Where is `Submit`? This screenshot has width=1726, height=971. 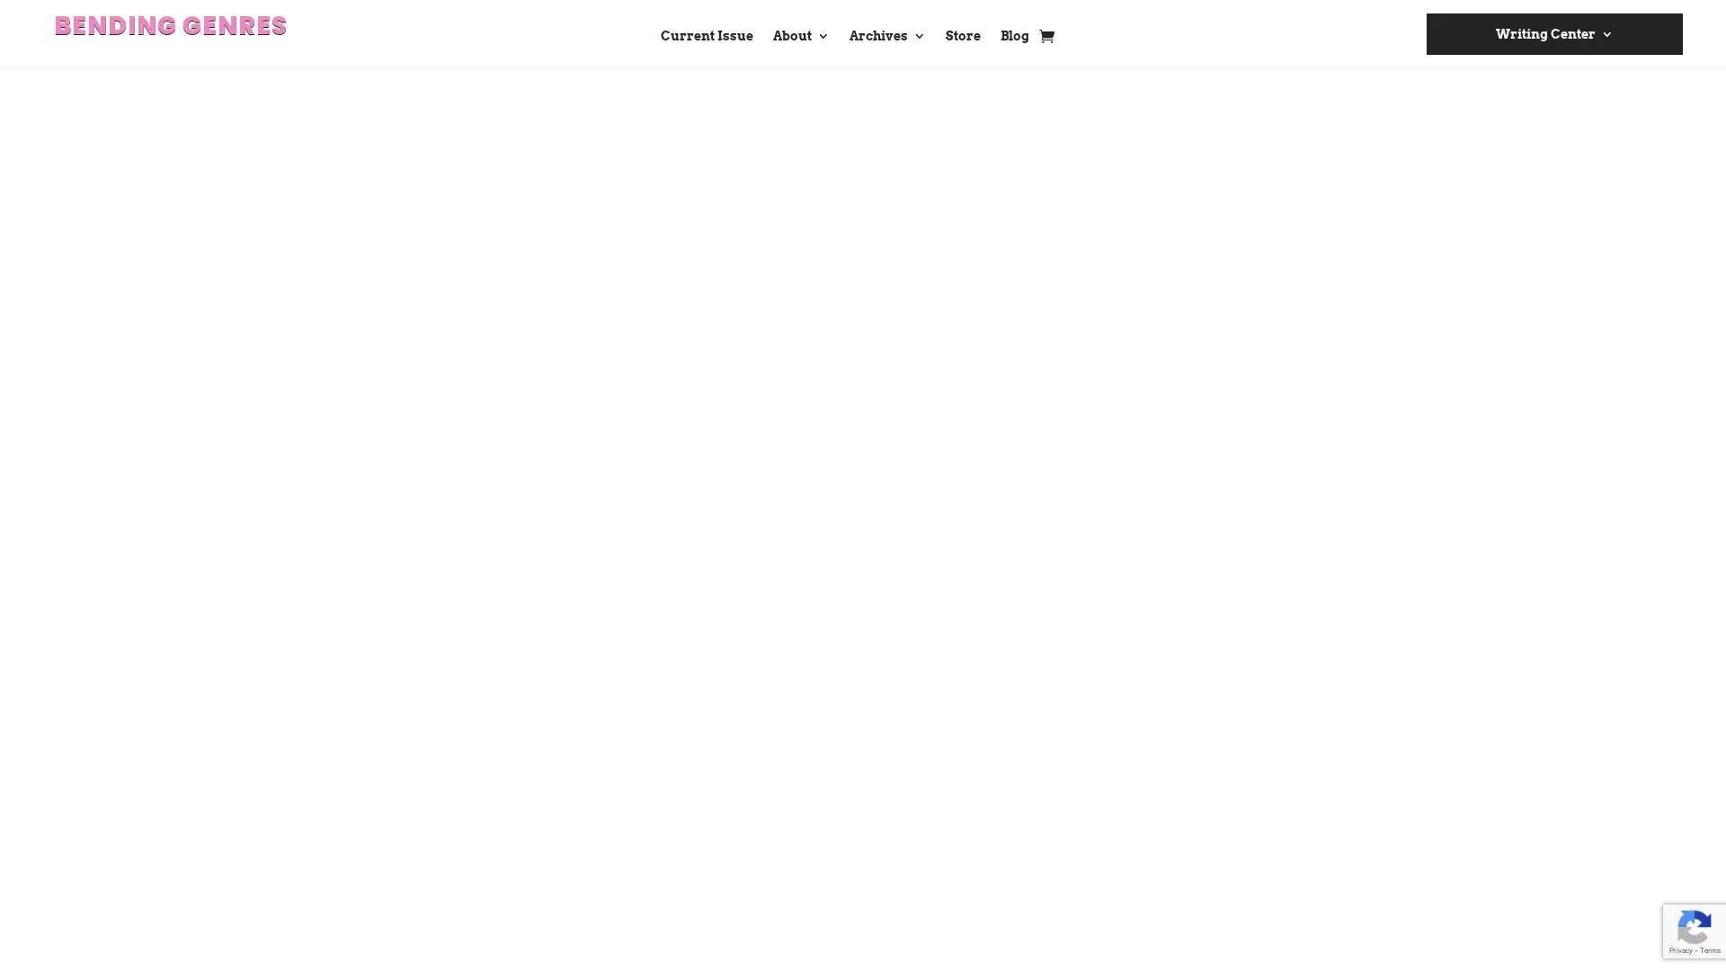
Submit is located at coordinates (1294, 766).